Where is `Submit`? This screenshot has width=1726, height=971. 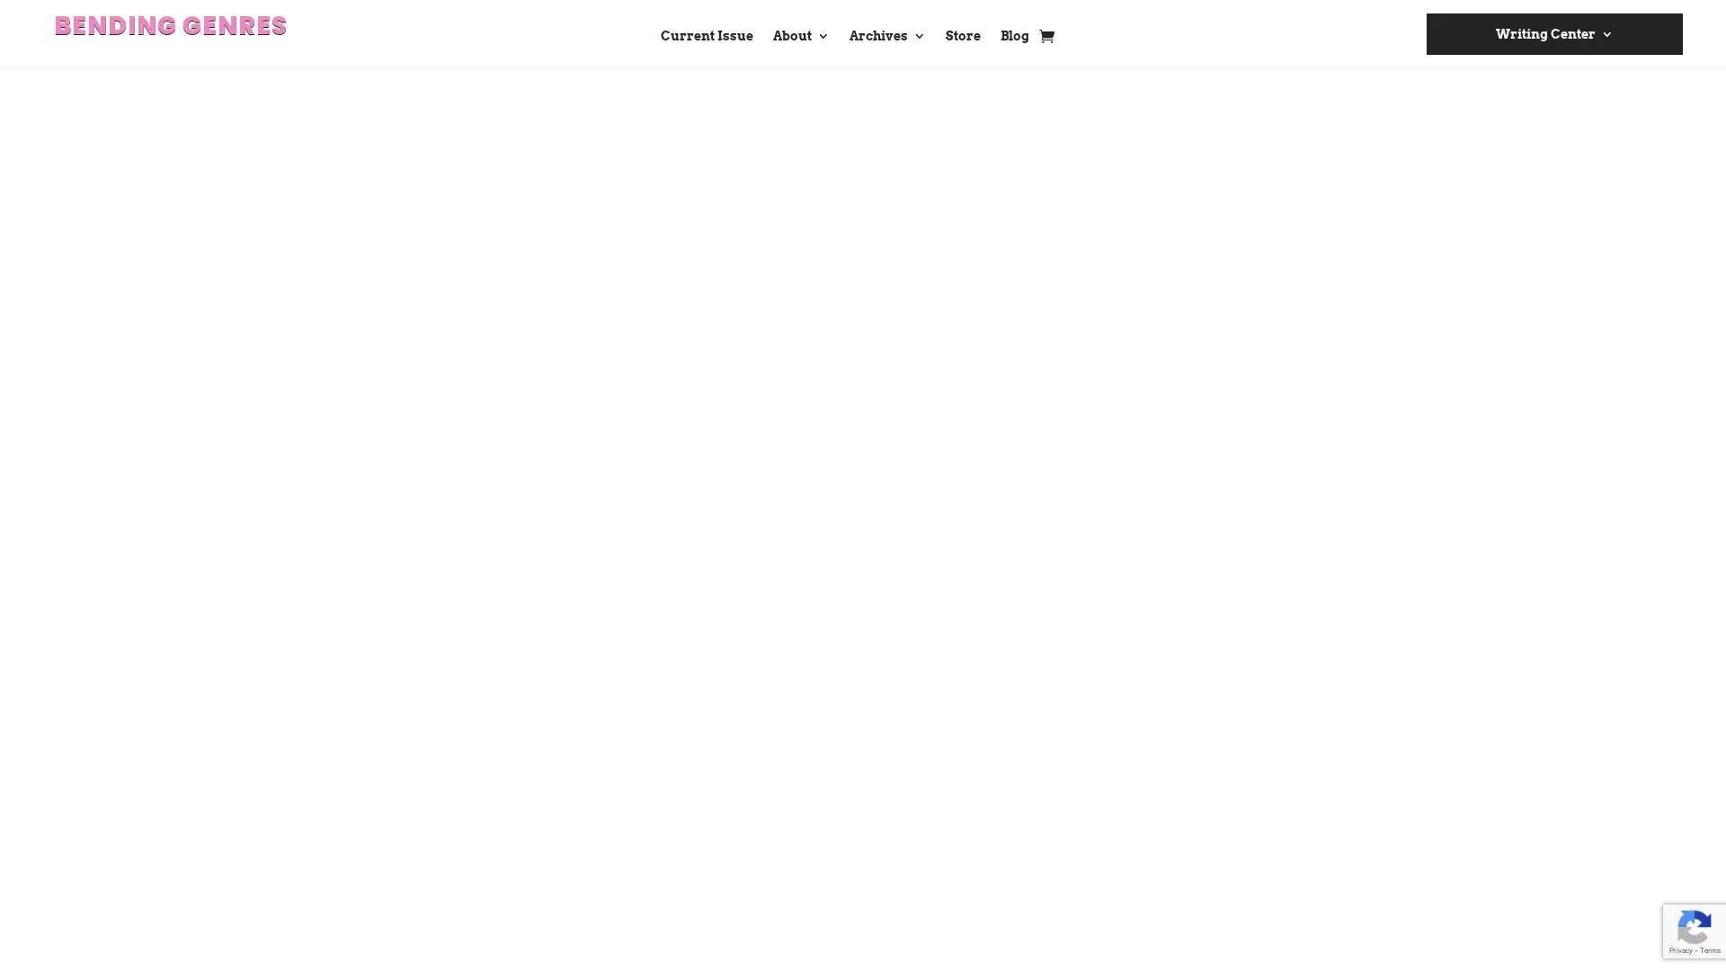
Submit is located at coordinates (1294, 766).